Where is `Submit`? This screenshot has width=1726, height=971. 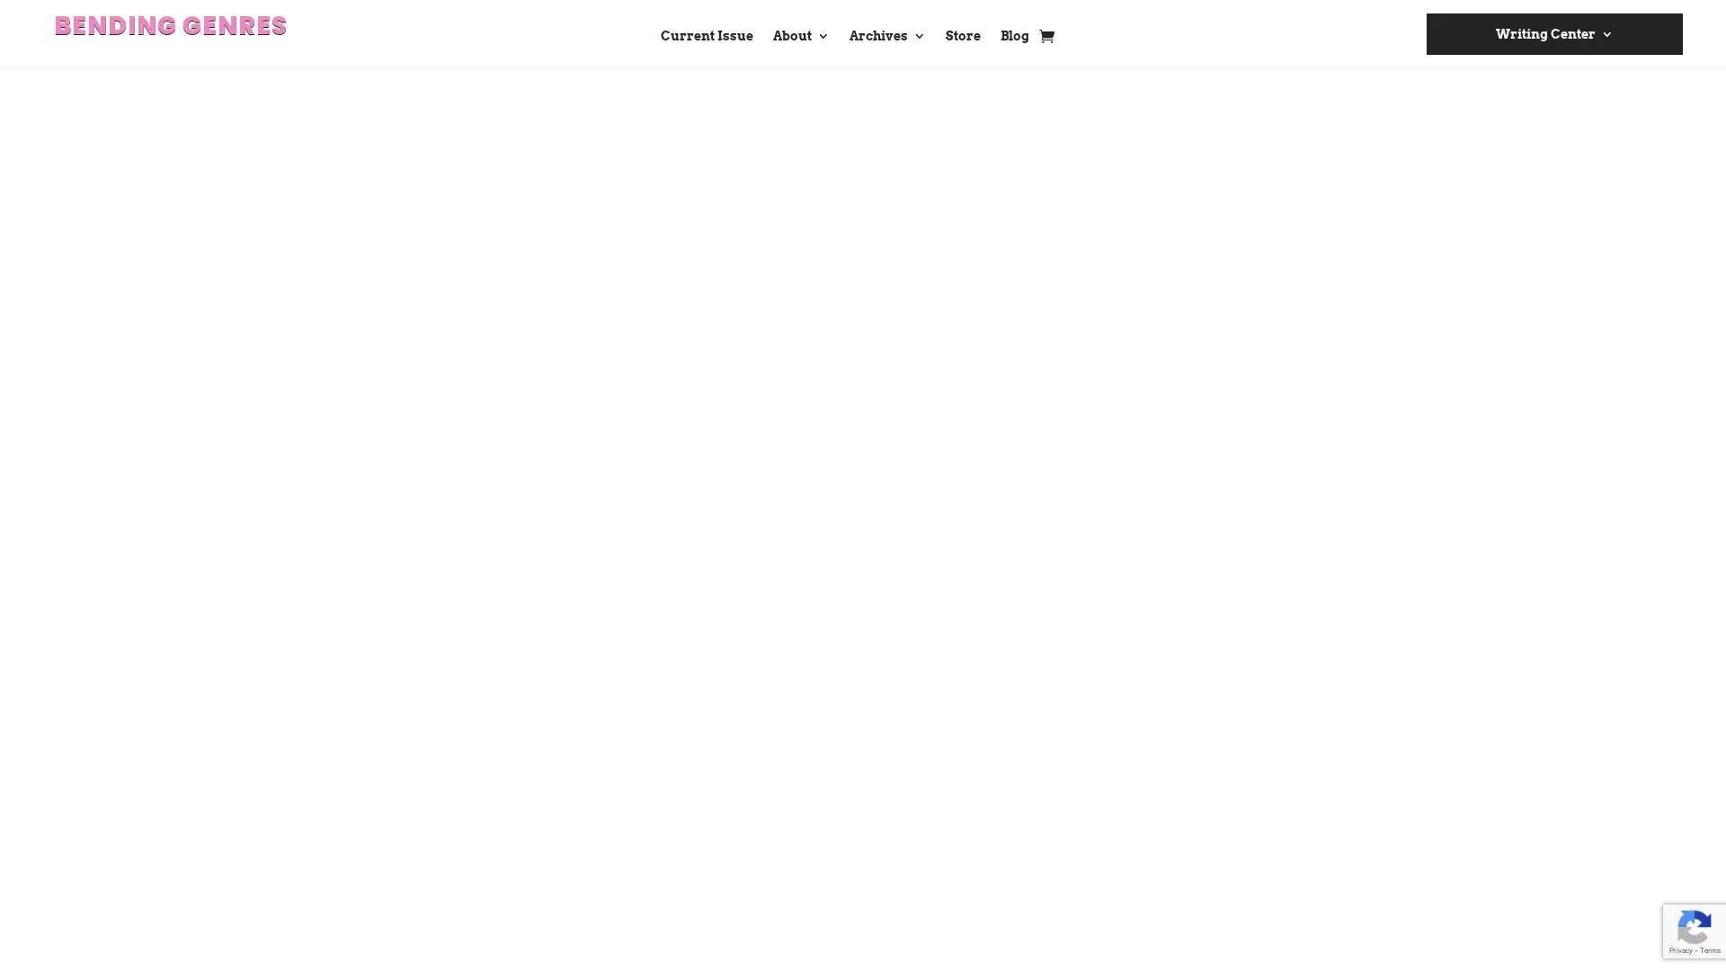
Submit is located at coordinates (1294, 766).